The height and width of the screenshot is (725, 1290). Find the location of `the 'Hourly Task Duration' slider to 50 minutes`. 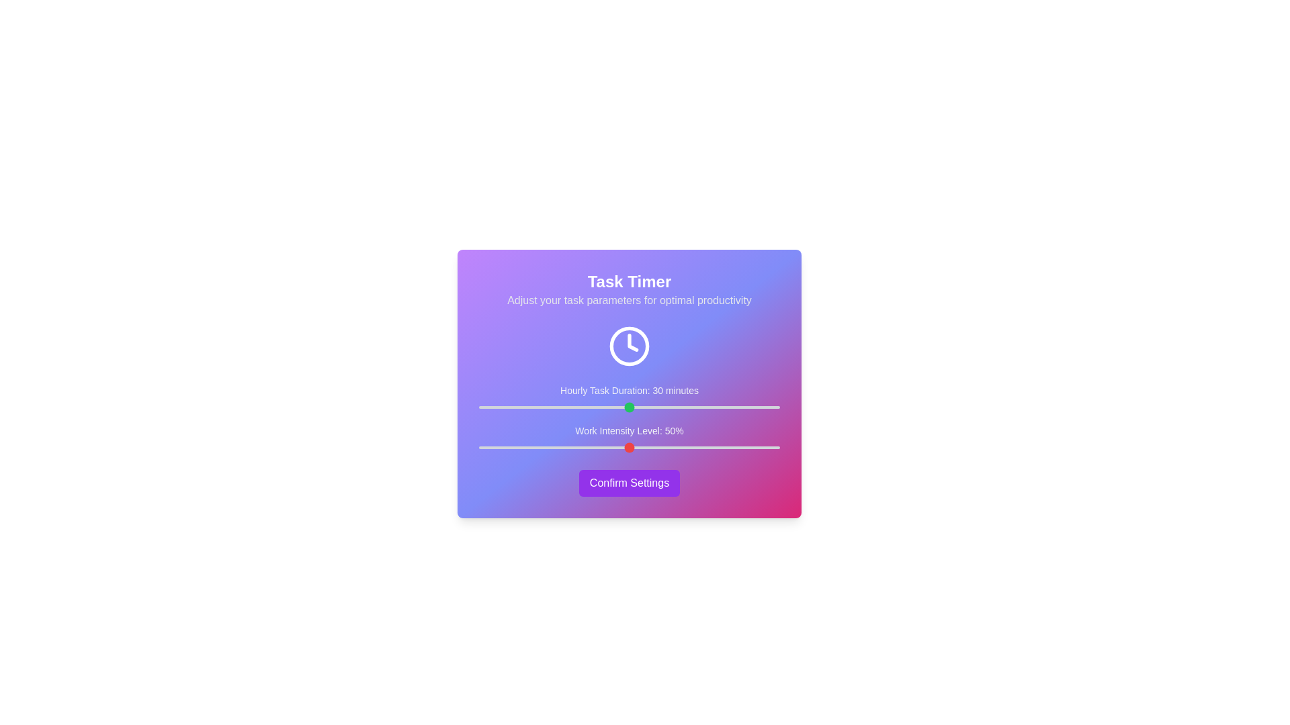

the 'Hourly Task Duration' slider to 50 minutes is located at coordinates (729, 406).